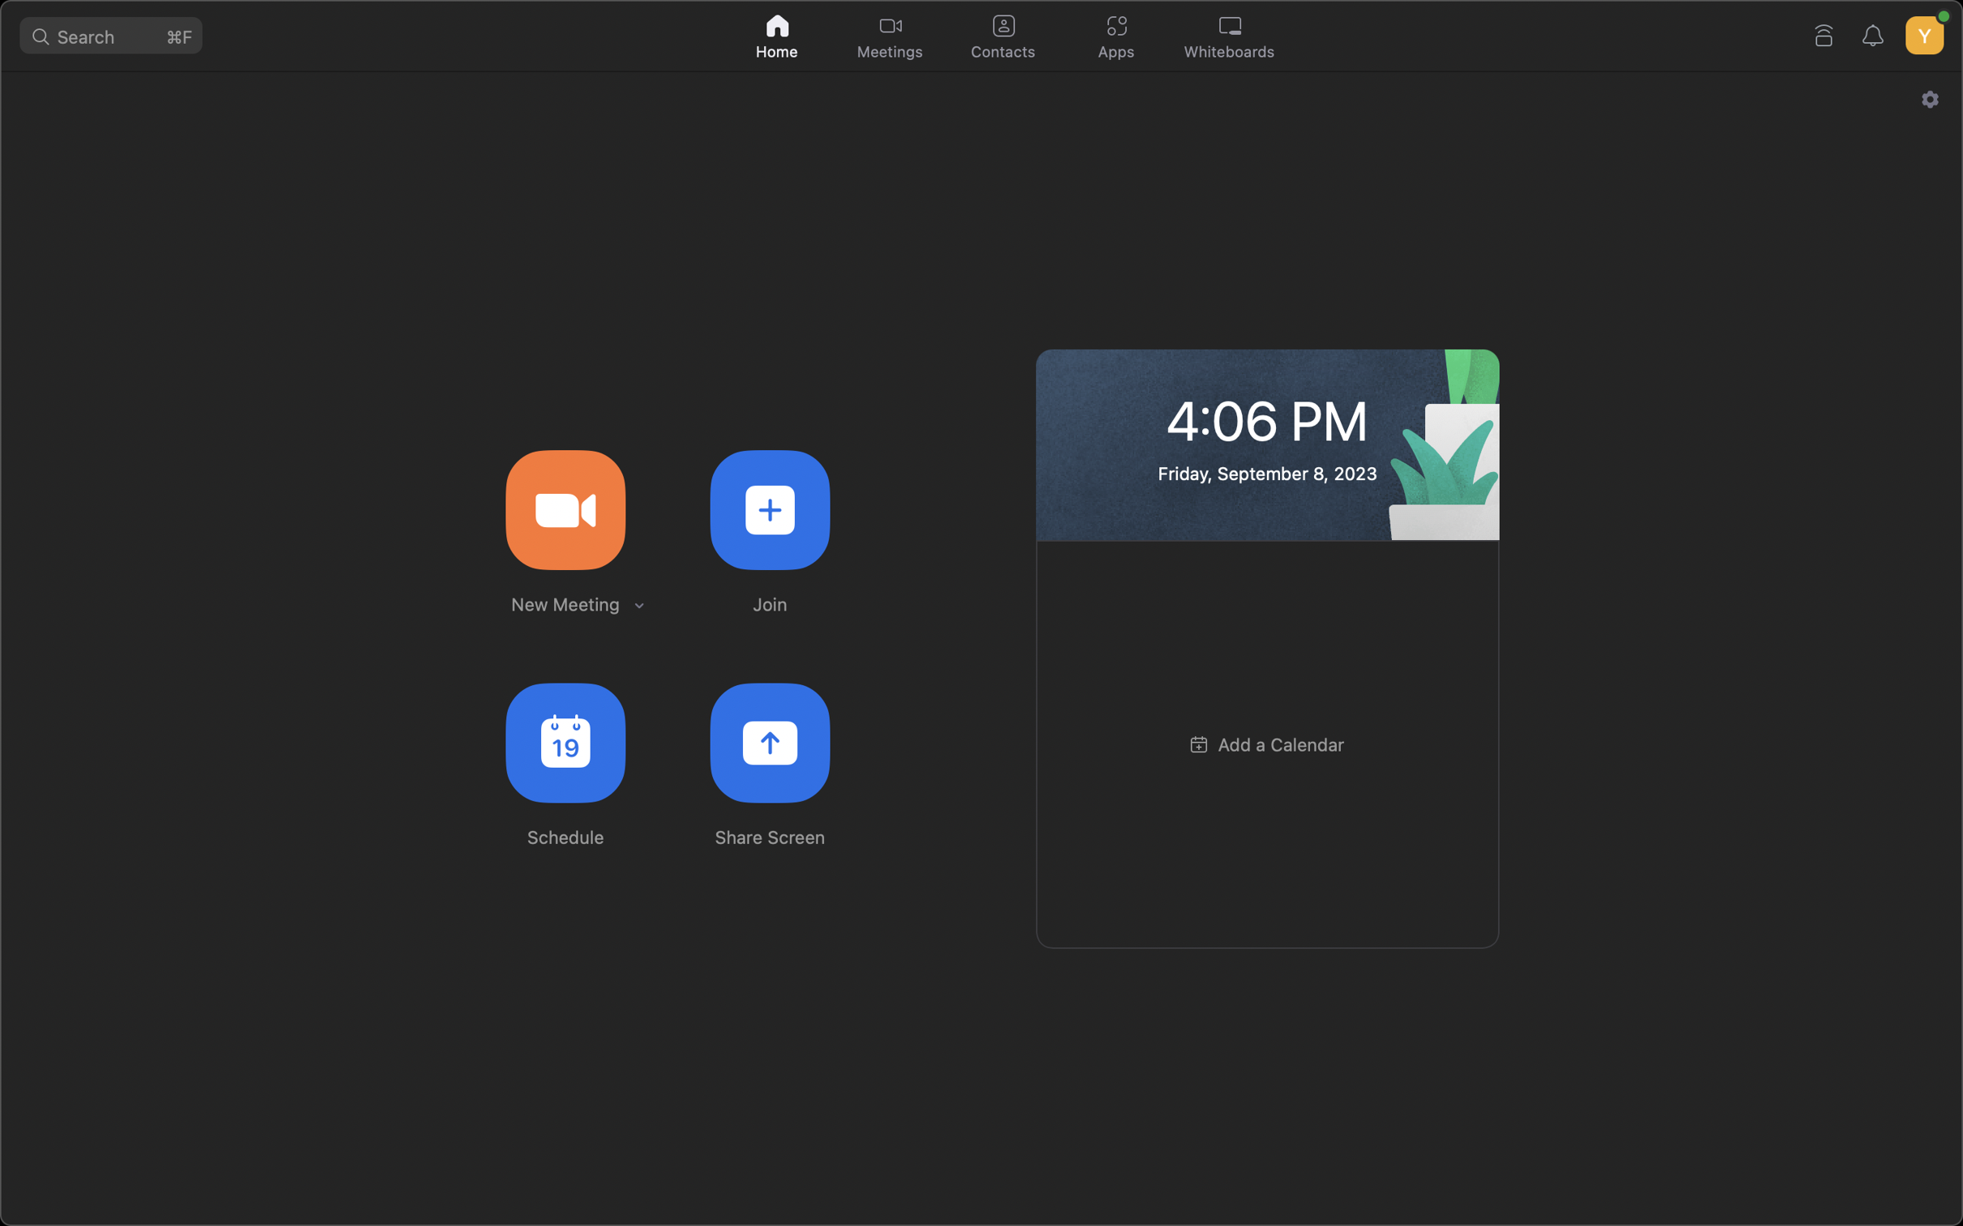 Image resolution: width=1963 pixels, height=1226 pixels. I want to click on and hit the bell for notifications, so click(1875, 33).